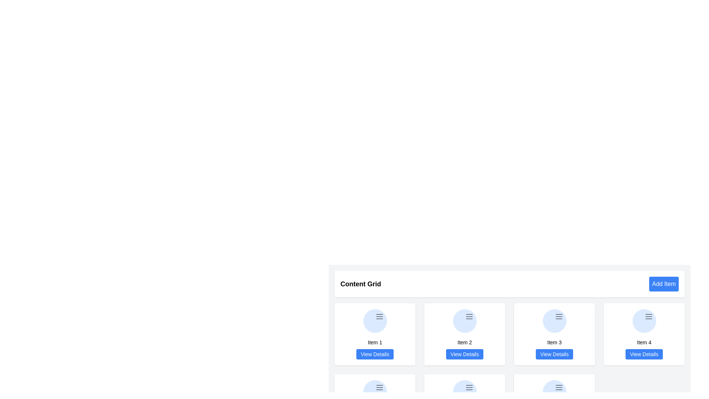 This screenshot has height=399, width=709. What do you see at coordinates (559, 387) in the screenshot?
I see `the three-horizontal-line icon representing a menu or options toggle in the third card of a four-card grid` at bounding box center [559, 387].